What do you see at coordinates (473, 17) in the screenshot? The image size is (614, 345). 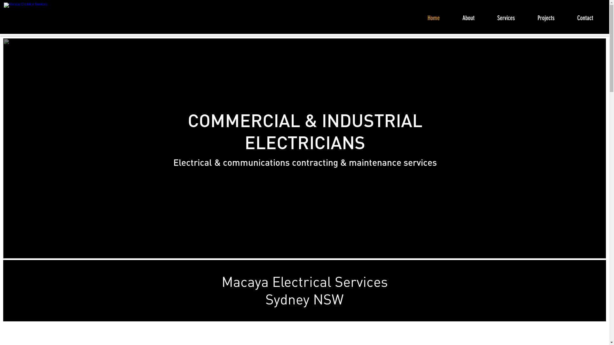 I see `'About'` at bounding box center [473, 17].